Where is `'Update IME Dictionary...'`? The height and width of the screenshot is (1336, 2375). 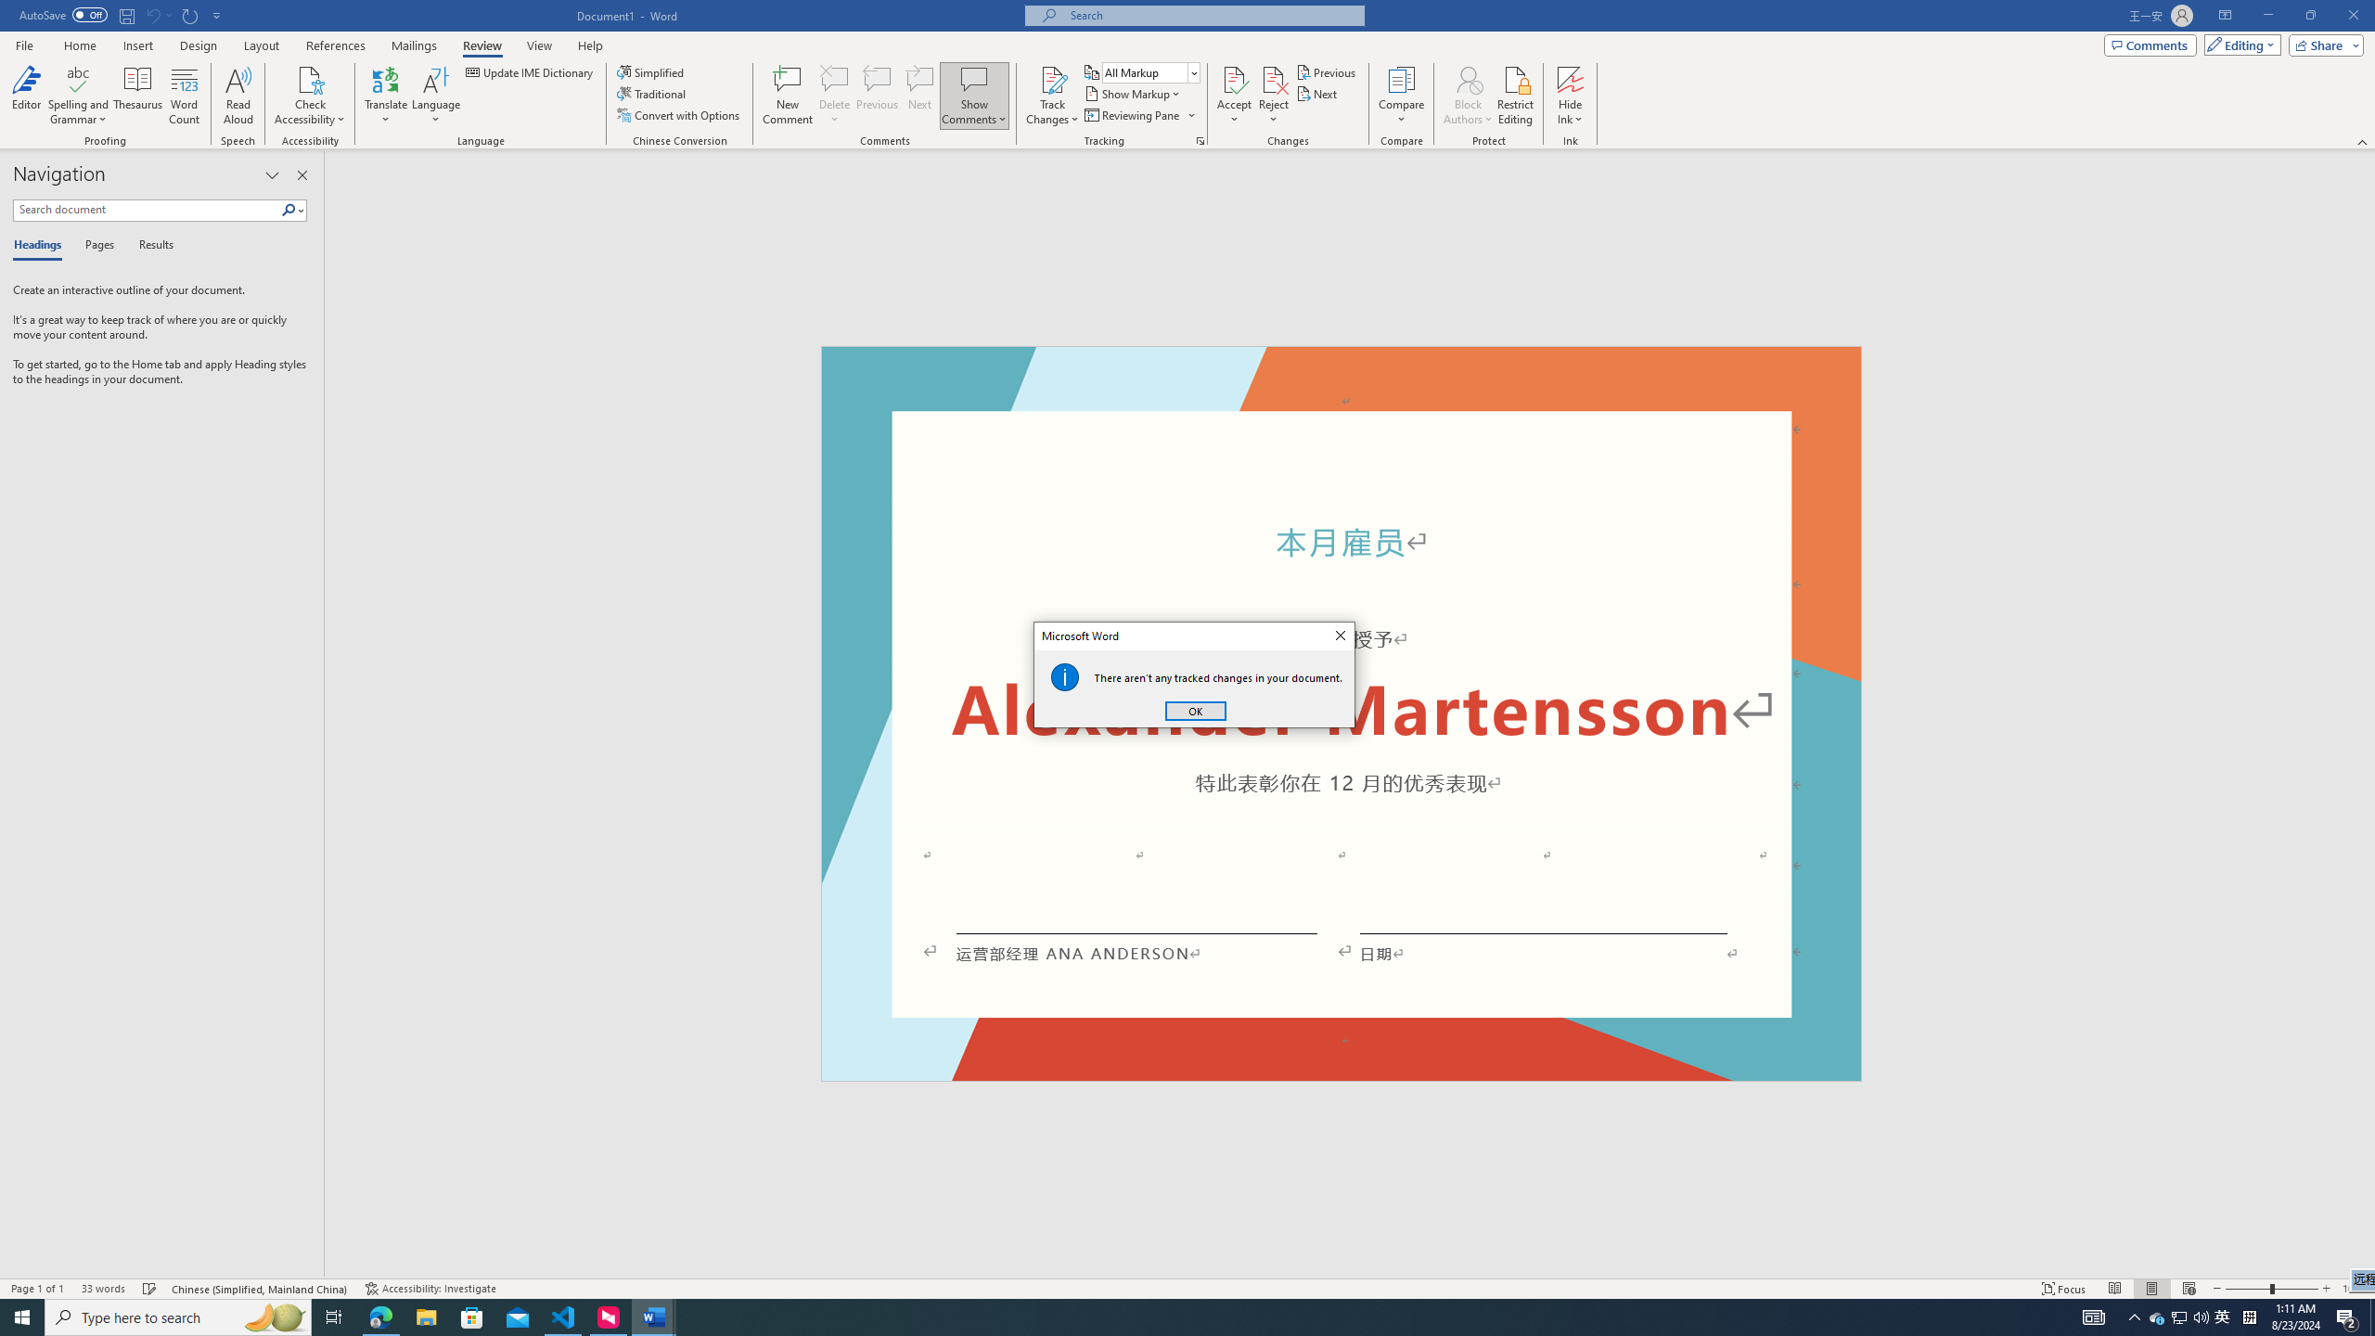 'Update IME Dictionary...' is located at coordinates (530, 71).